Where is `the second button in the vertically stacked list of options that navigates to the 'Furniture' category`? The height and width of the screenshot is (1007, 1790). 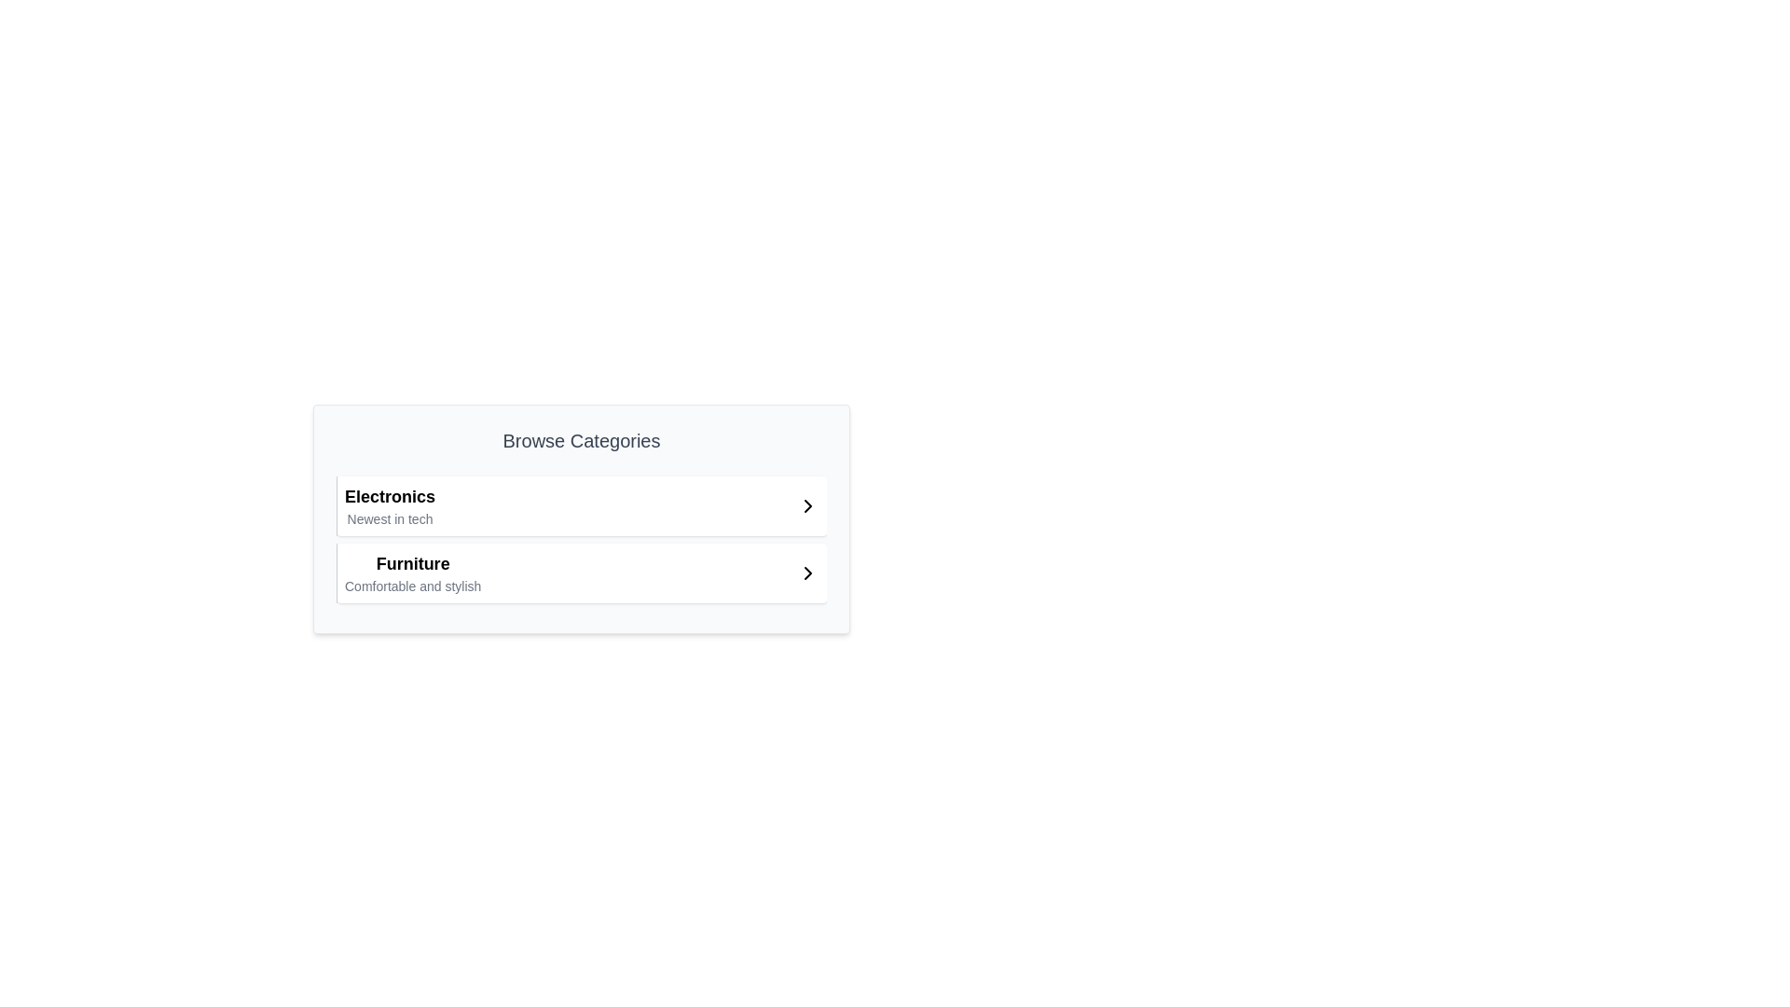
the second button in the vertically stacked list of options that navigates to the 'Furniture' category is located at coordinates (581, 572).